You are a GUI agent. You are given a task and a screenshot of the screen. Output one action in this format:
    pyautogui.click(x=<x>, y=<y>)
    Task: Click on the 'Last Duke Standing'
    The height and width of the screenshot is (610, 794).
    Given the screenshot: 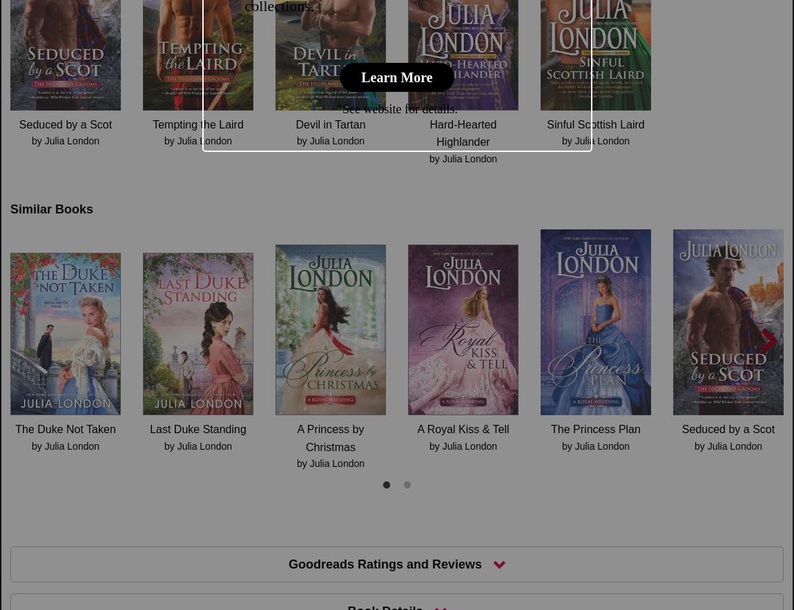 What is the action you would take?
    pyautogui.click(x=197, y=429)
    